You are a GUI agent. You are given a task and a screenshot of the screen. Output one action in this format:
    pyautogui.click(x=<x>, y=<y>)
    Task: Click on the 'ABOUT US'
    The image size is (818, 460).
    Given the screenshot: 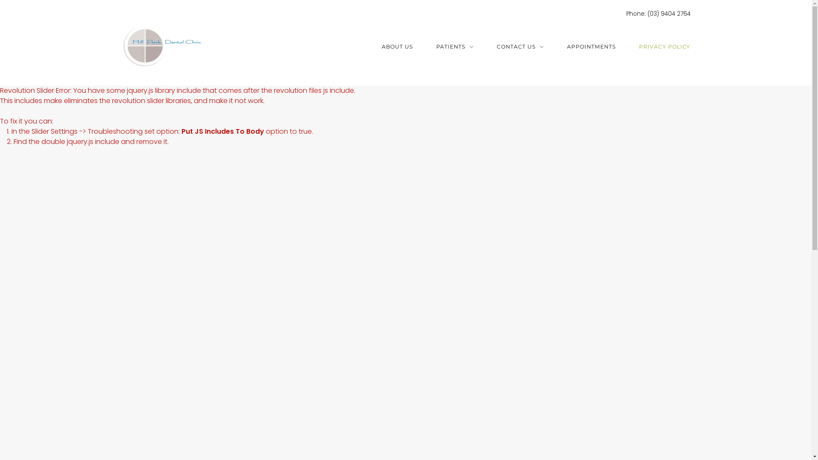 What is the action you would take?
    pyautogui.click(x=397, y=47)
    